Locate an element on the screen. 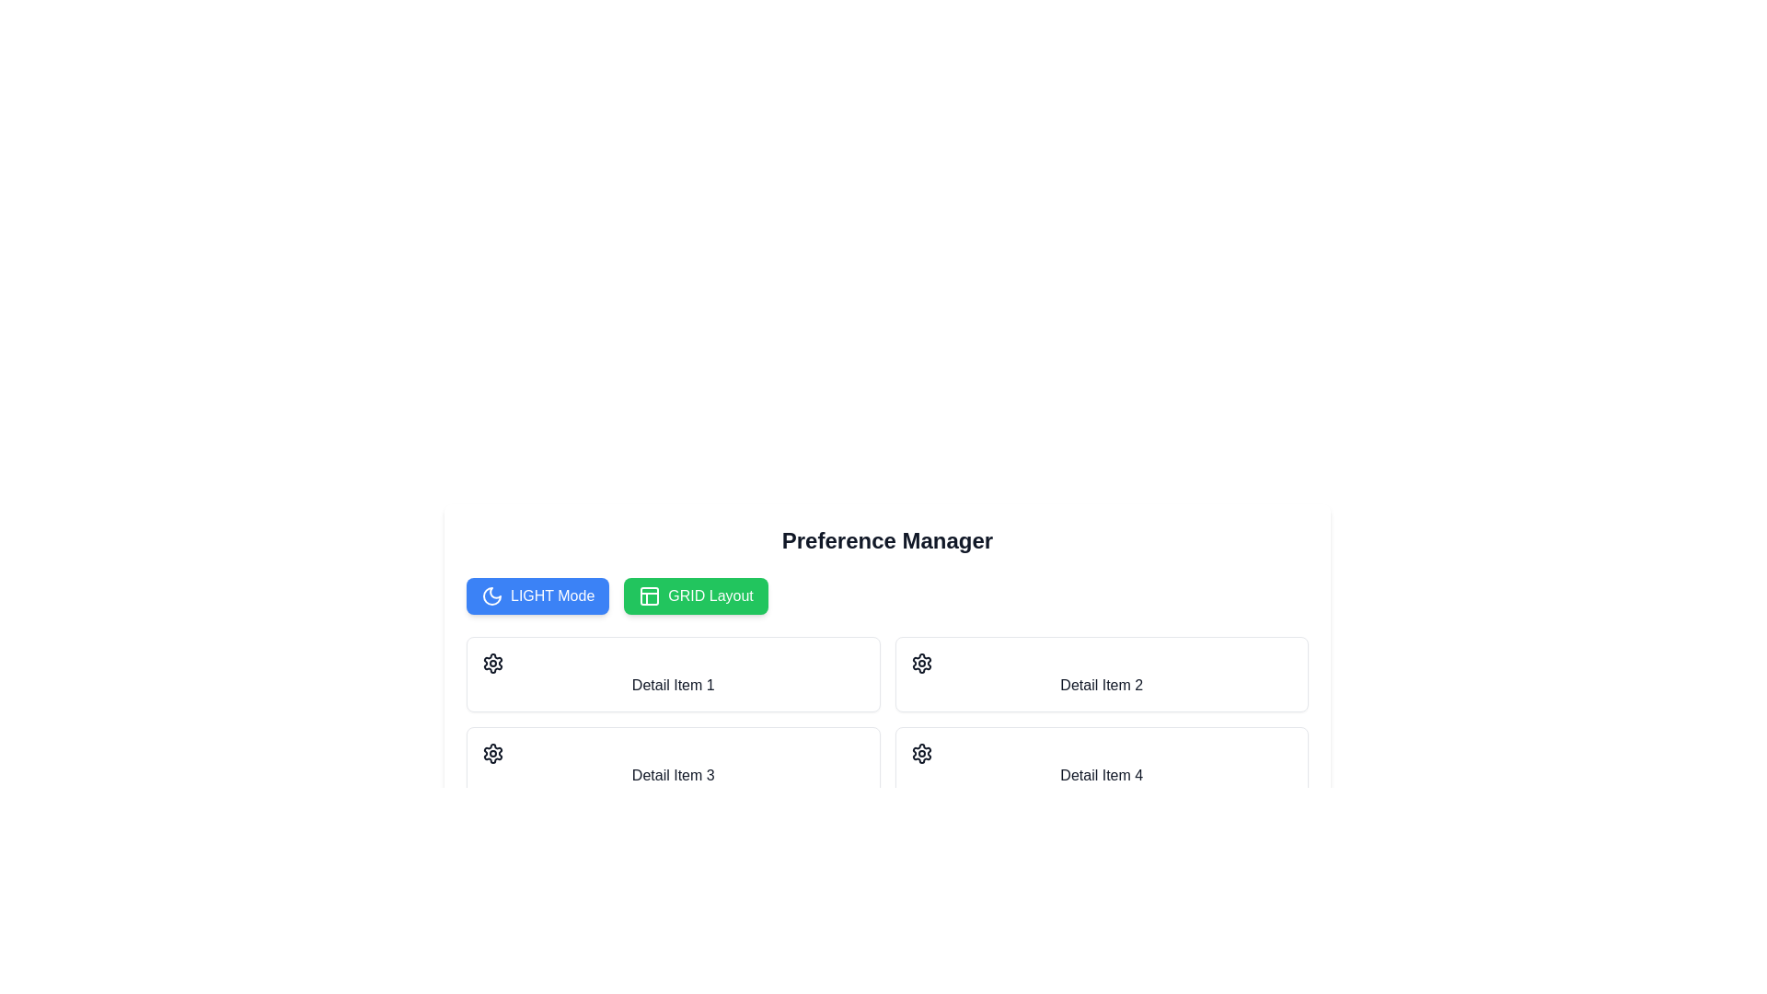 This screenshot has height=994, width=1767. the Card element representing 'Detail Item 2', which is located in the second column of the first row of the grid layout is located at coordinates (1102, 674).